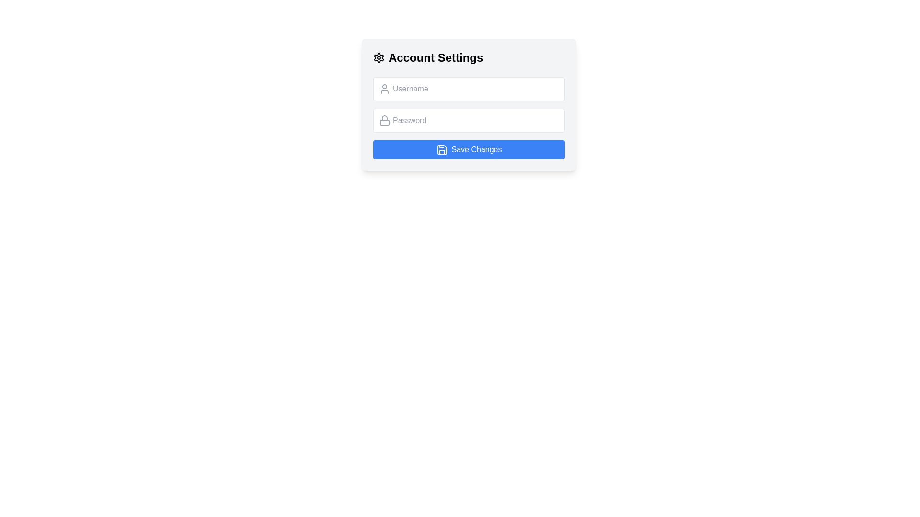 The width and height of the screenshot is (920, 517). I want to click on the user profile icon, which is a gray SVG icon depicting a person, located to the left of the 'Username' text input field, so click(384, 89).